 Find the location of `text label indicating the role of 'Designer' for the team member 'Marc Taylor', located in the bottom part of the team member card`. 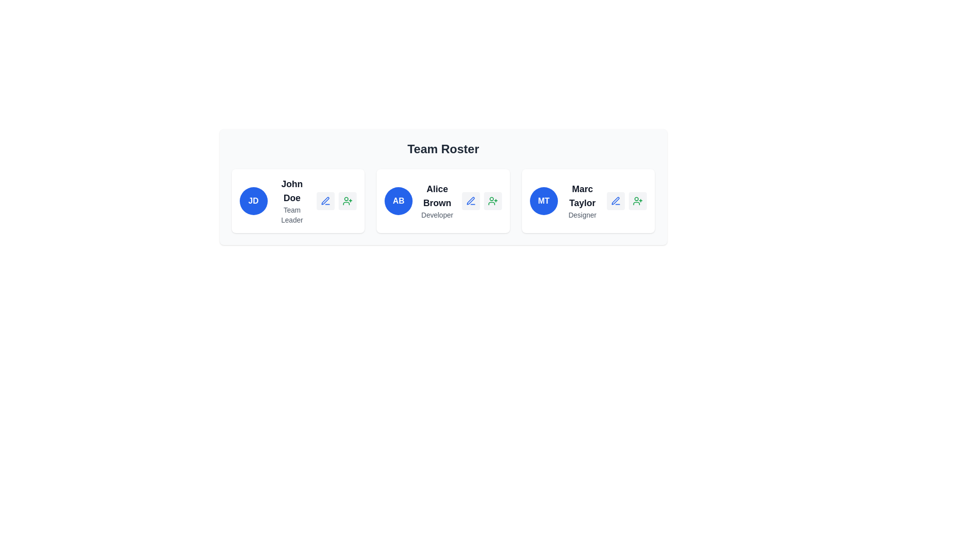

text label indicating the role of 'Designer' for the team member 'Marc Taylor', located in the bottom part of the team member card is located at coordinates (582, 215).